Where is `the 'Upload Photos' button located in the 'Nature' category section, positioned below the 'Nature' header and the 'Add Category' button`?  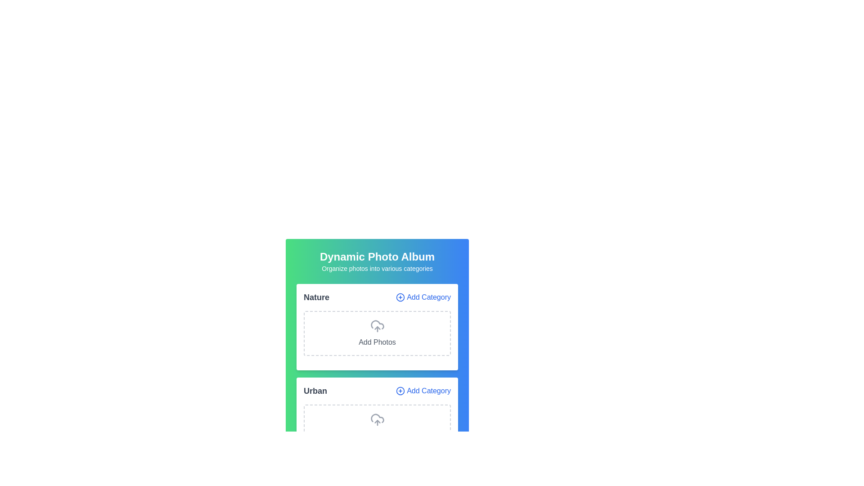
the 'Upload Photos' button located in the 'Nature' category section, positioned below the 'Nature' header and the 'Add Category' button is located at coordinates (377, 333).